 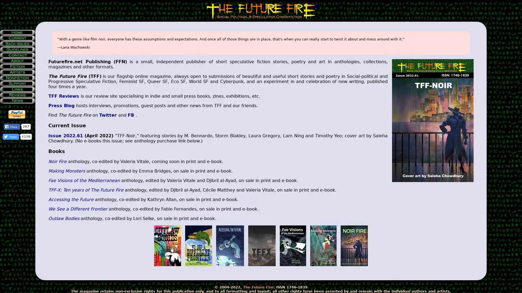 I want to click on Make payments with PayPal - it's fast, free and secure!, so click(x=17, y=114).